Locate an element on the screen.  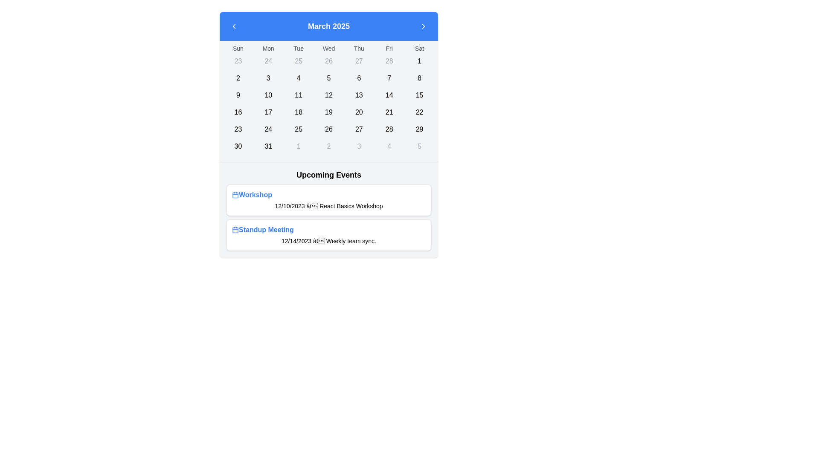
on the button-like date component displaying the numeral '20' in the calendar, located under the 'Thu' column is located at coordinates (359, 112).